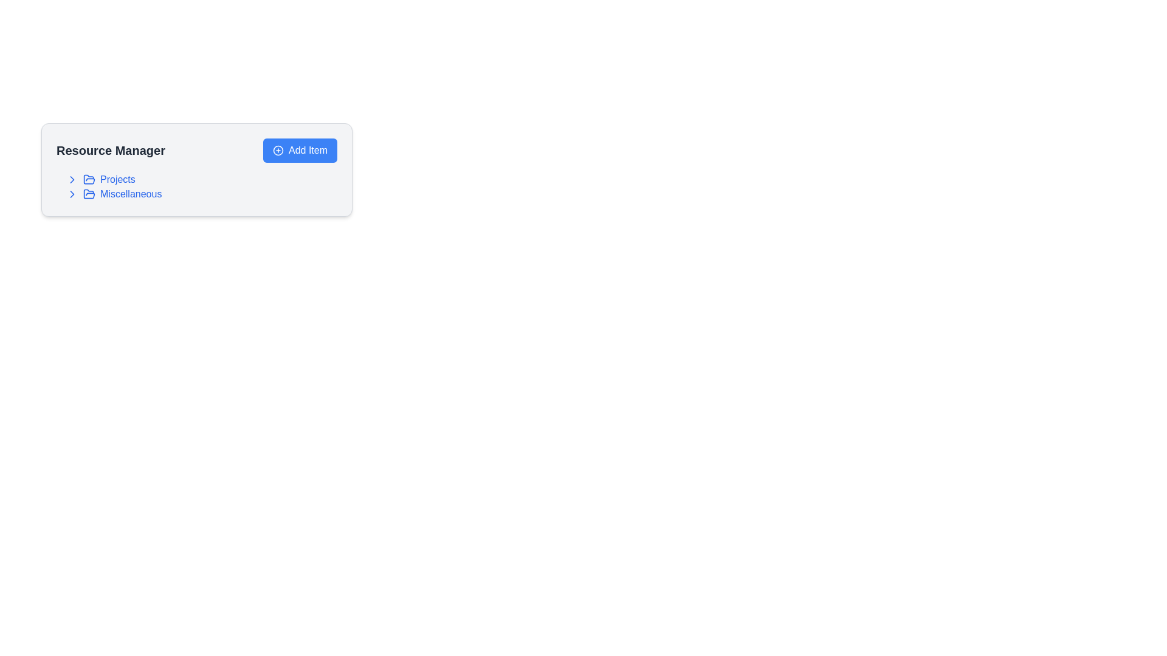 The width and height of the screenshot is (1167, 656). Describe the element at coordinates (111, 149) in the screenshot. I see `the bold, large font text label displaying 'Resource Manager' located in the upper-left section of the interface, near the 'Add Item' button` at that location.